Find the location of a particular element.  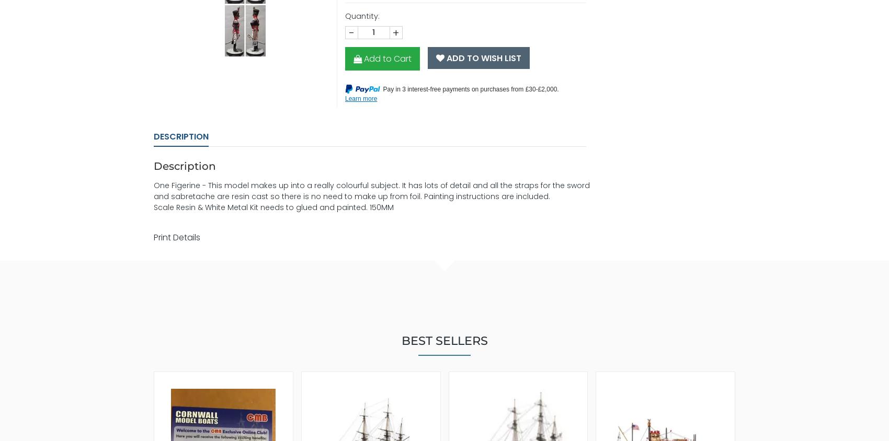

'Add to Cart' is located at coordinates (387, 58).